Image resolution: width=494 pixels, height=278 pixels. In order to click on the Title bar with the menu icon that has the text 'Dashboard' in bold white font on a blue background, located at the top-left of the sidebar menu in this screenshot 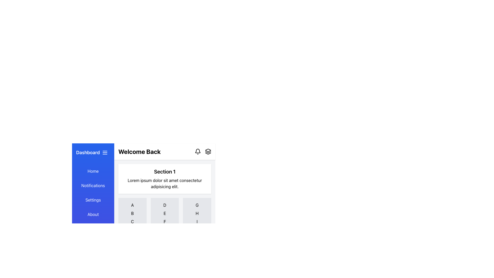, I will do `click(93, 152)`.